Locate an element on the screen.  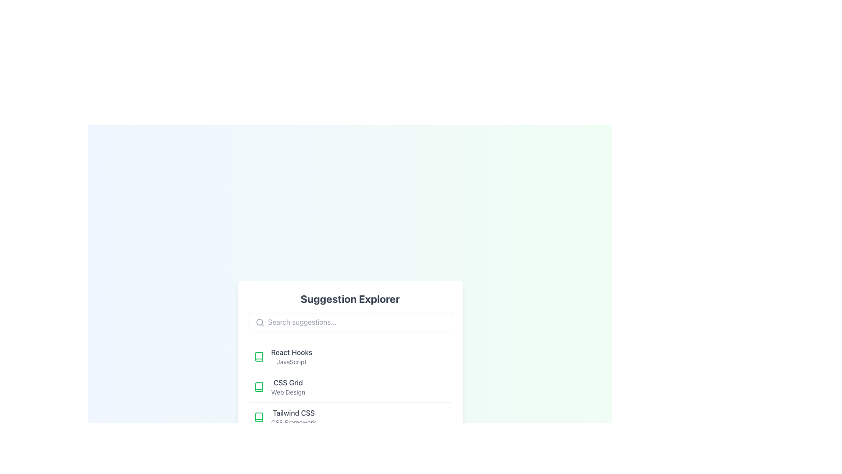
the first item in the suggestion list related to 'React Hooks' and 'JavaScript' is located at coordinates (350, 357).